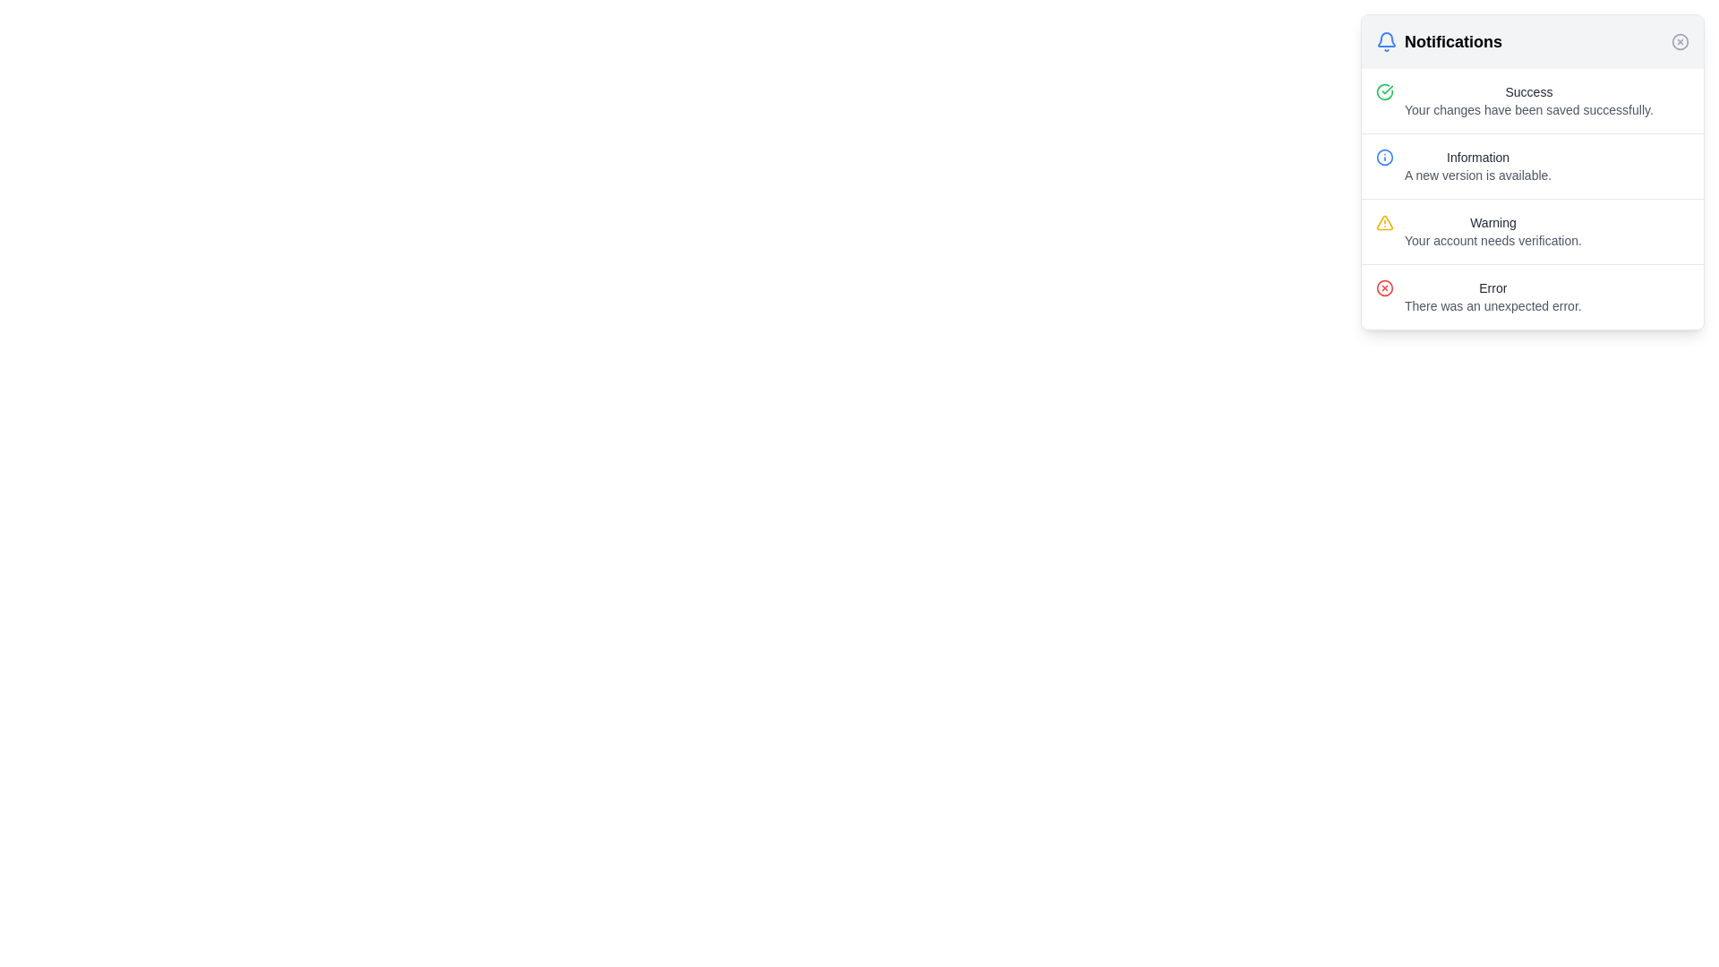  What do you see at coordinates (1383, 92) in the screenshot?
I see `the circular green checkmark icon located to the left of the 'Success' notification message` at bounding box center [1383, 92].